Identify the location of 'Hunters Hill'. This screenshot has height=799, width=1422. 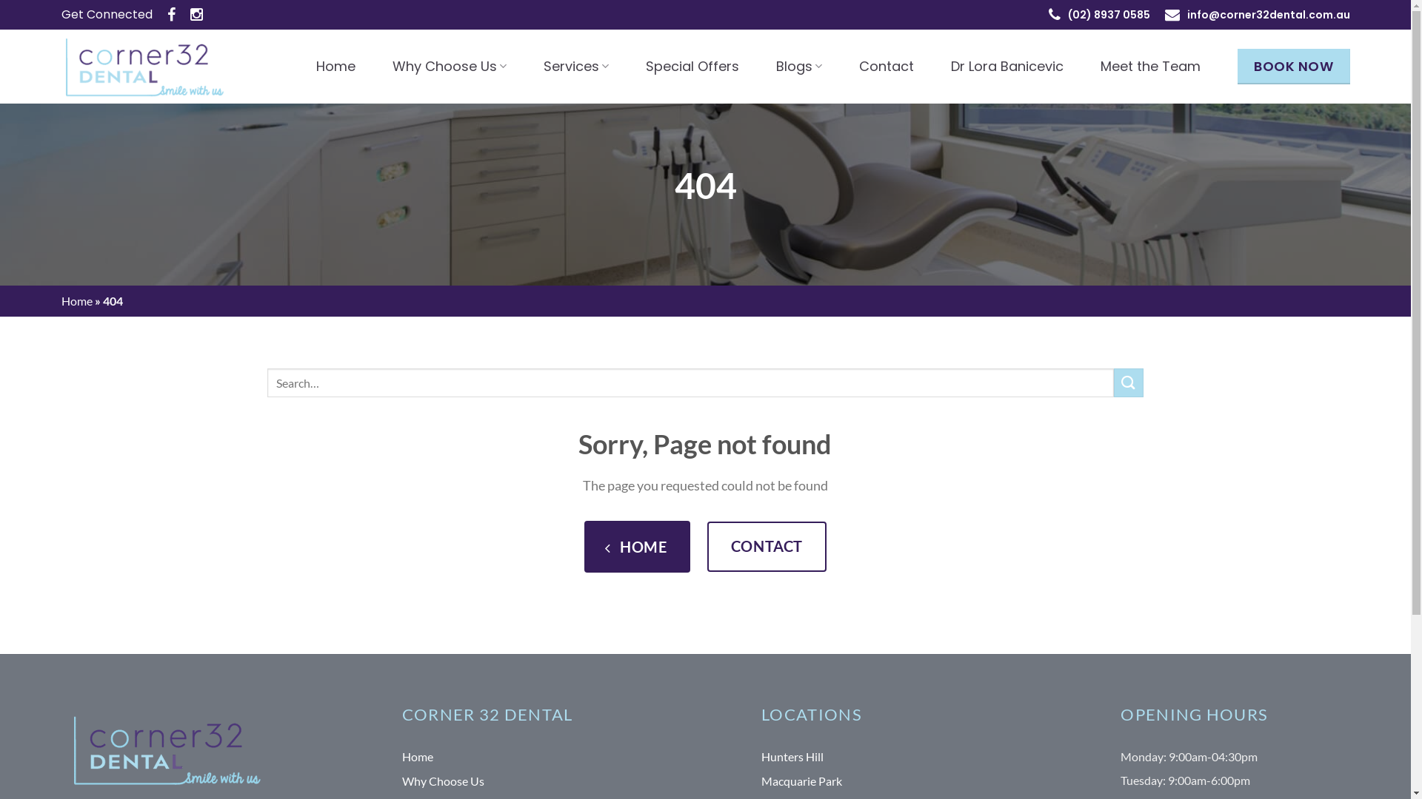
(792, 757).